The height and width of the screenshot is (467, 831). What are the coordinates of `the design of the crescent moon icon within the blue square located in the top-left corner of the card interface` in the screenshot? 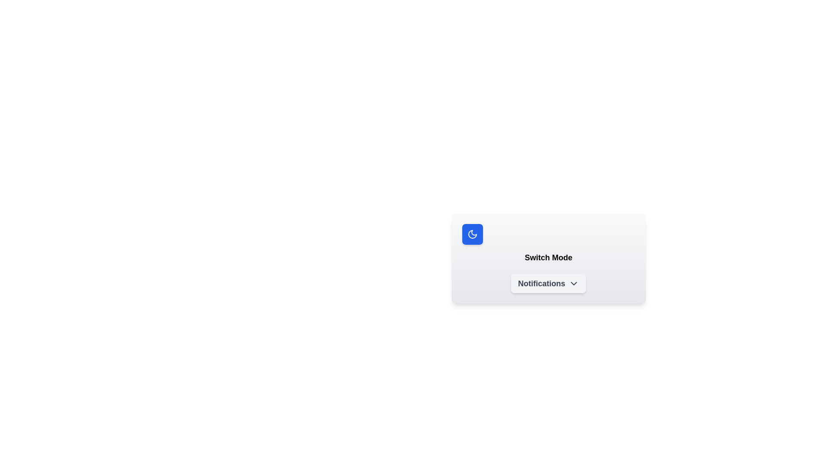 It's located at (472, 234).